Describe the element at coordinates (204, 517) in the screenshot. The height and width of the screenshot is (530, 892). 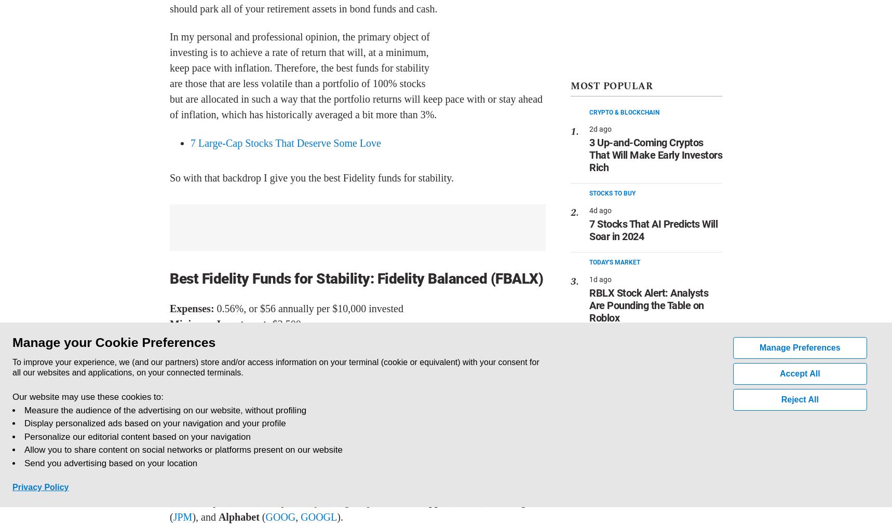
I see `'), and'` at that location.